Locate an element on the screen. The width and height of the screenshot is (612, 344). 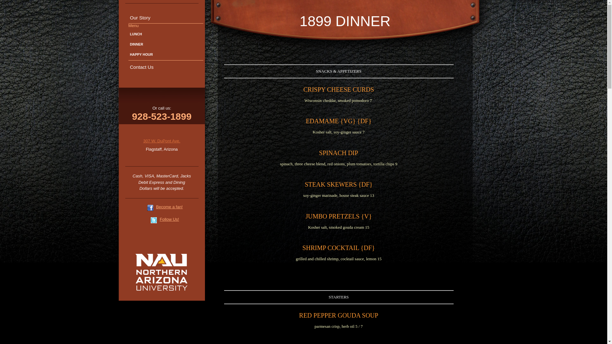
'Our Story' is located at coordinates (165, 17).